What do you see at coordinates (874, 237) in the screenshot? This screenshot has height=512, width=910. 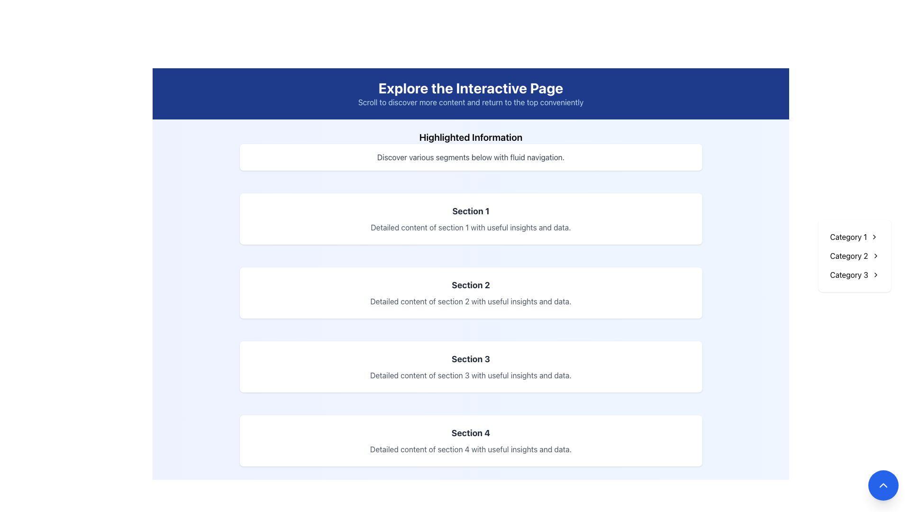 I see `the right-facing chevron indicator icon located adjacent to the label 'Category 1'` at bounding box center [874, 237].